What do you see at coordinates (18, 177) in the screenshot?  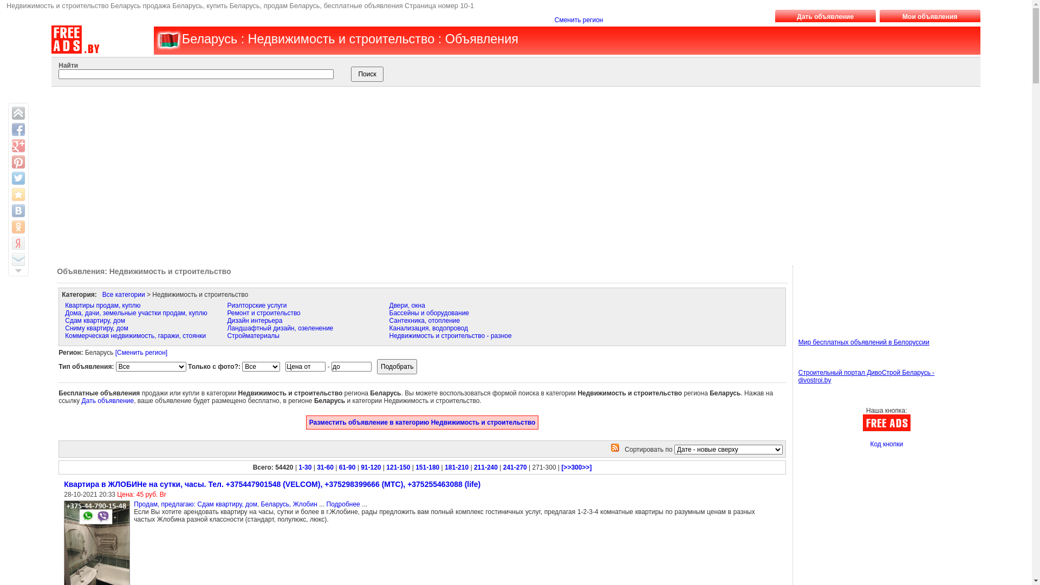 I see `'Share on Twitter'` at bounding box center [18, 177].